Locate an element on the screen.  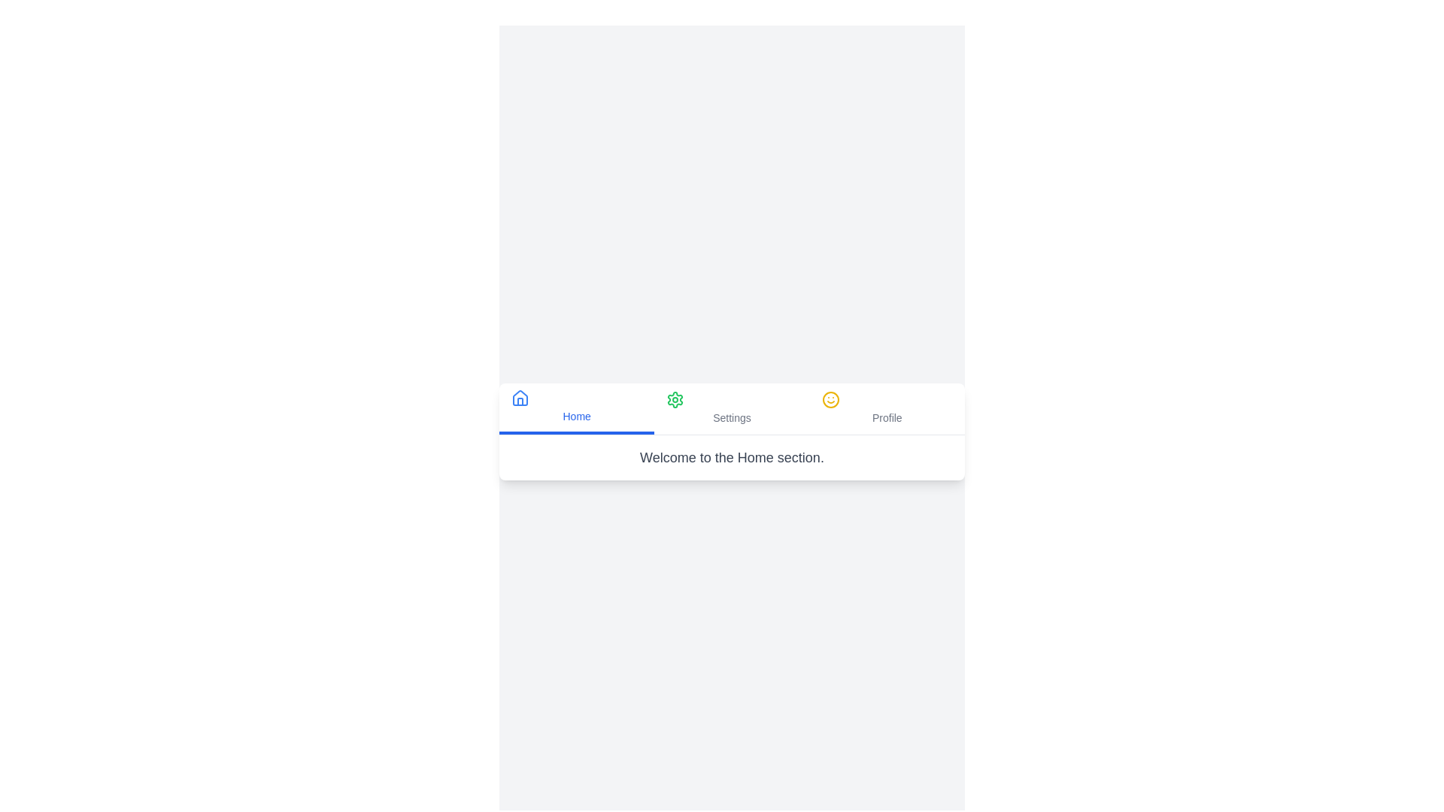
the Profile tab to view its content is located at coordinates (887, 408).